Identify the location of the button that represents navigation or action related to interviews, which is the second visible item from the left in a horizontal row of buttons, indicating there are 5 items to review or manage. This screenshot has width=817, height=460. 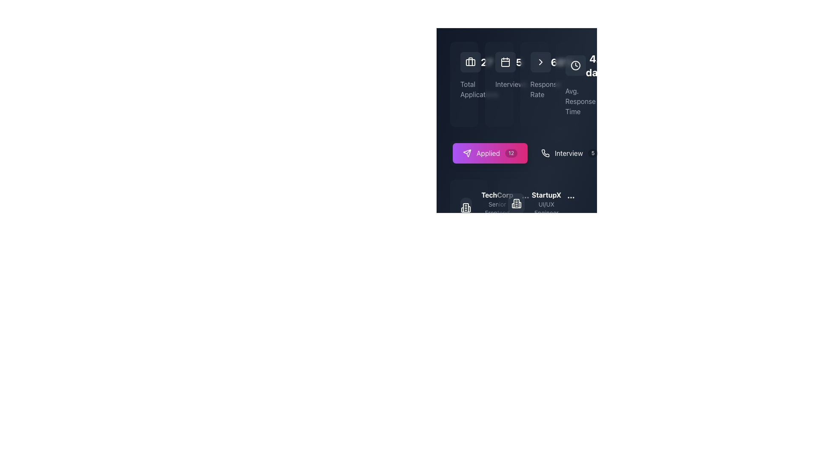
(569, 152).